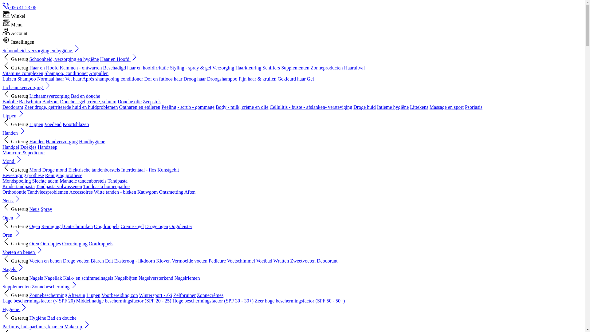 The width and height of the screenshot is (590, 332). I want to click on 'Voetschimmel', so click(227, 261).